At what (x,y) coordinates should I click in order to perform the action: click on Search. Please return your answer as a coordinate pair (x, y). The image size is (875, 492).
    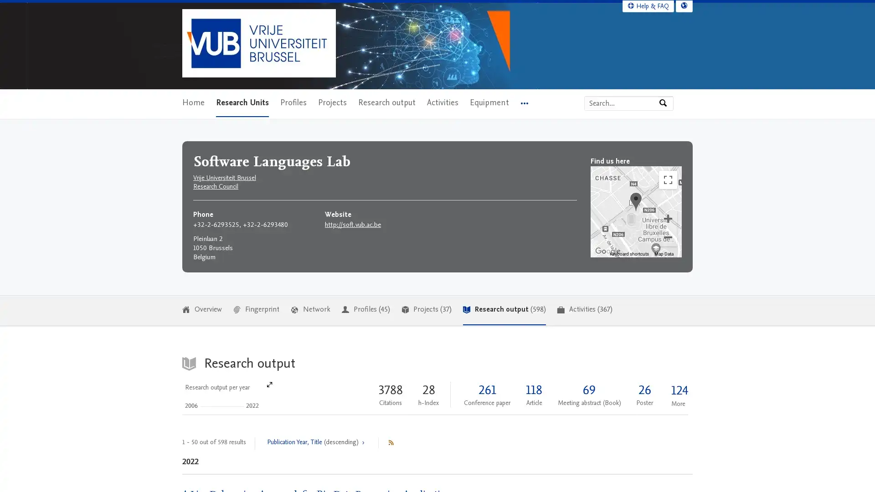
    Looking at the image, I should click on (665, 102).